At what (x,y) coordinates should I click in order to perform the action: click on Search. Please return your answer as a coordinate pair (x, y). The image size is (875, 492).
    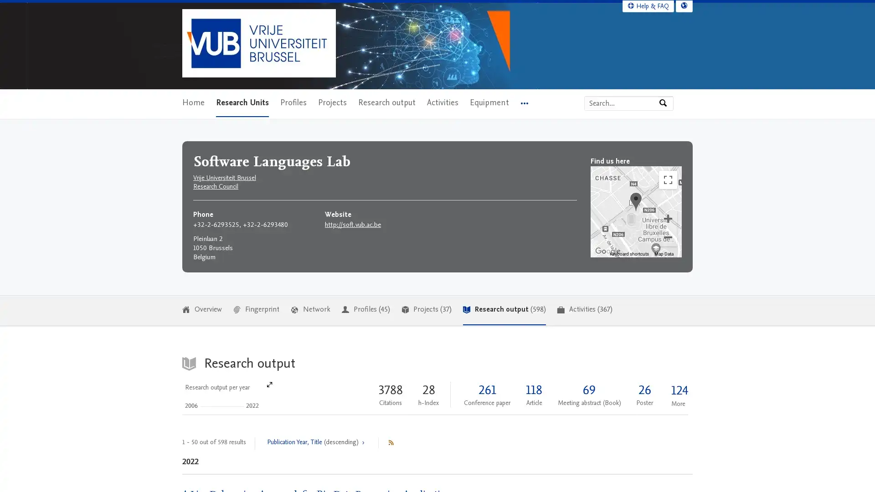
    Looking at the image, I should click on (665, 102).